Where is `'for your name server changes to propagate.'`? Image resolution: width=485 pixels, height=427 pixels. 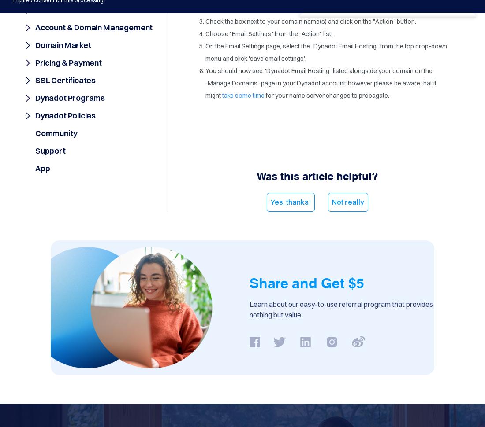 'for your name server changes to propagate.' is located at coordinates (326, 95).